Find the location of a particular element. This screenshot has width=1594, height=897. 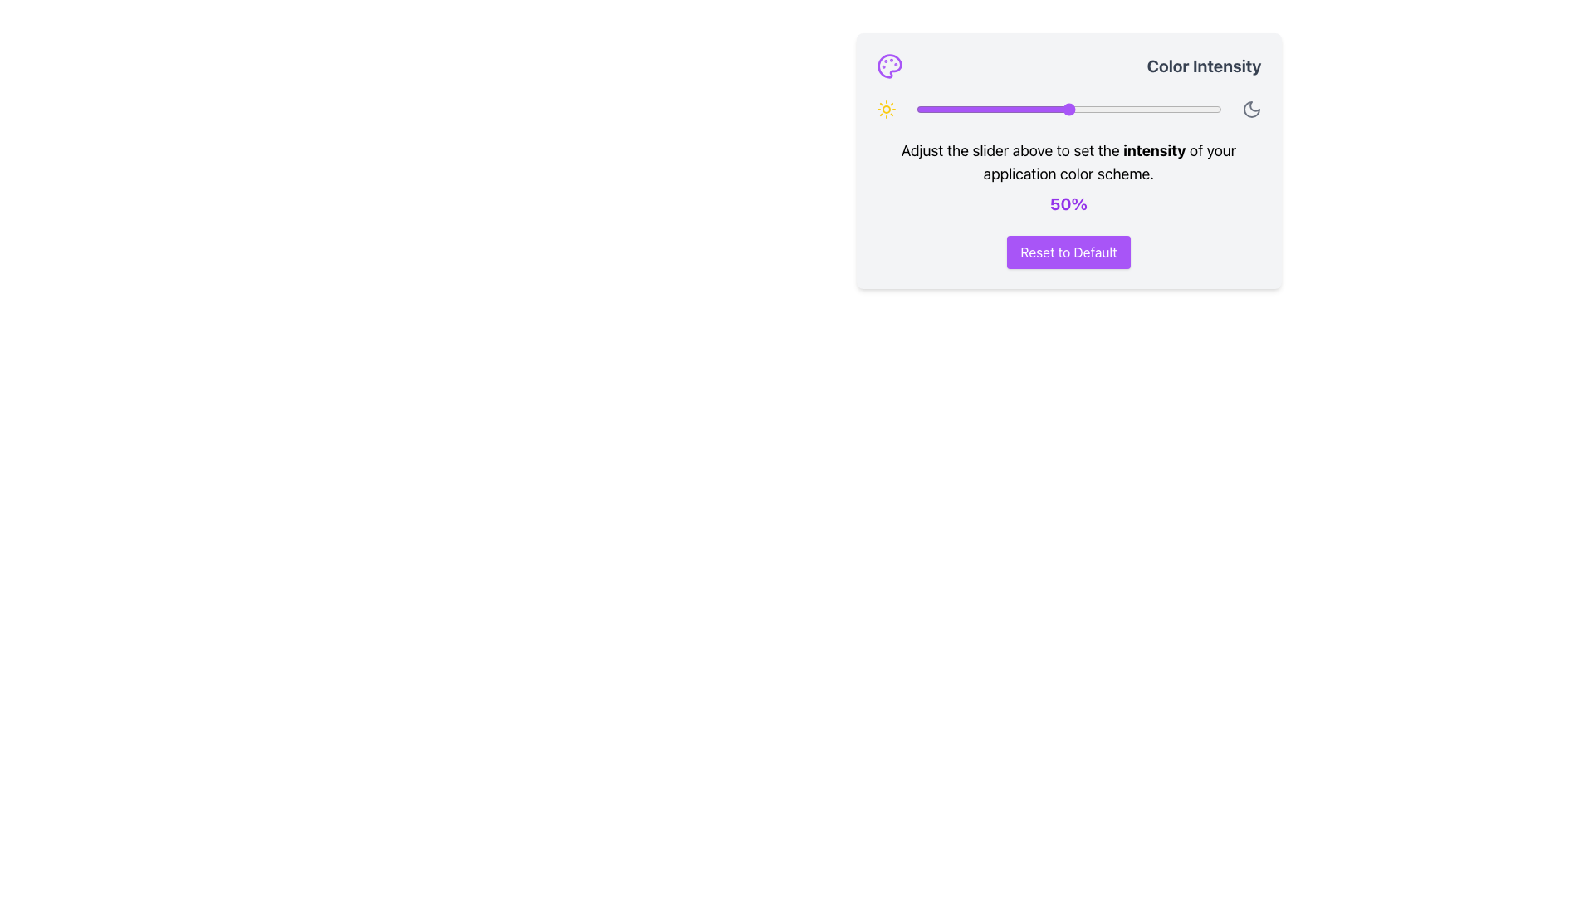

the color intensity is located at coordinates (971, 109).